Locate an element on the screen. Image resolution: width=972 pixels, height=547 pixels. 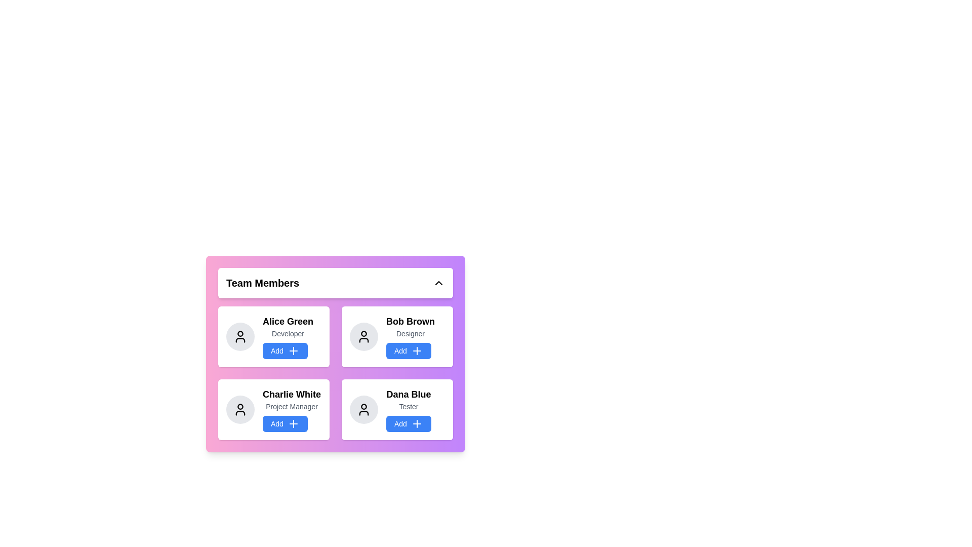
the circular avatar placeholder with a gray background and a generic user icon, located in the top-left card under 'Alice Green', the Developer is located at coordinates (240, 336).